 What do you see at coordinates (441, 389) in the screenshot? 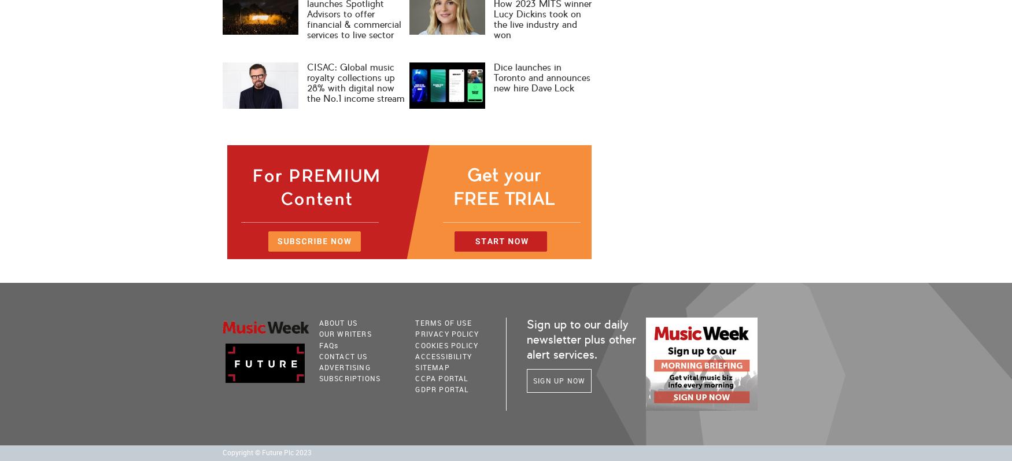
I see `'GDPR Portal'` at bounding box center [441, 389].